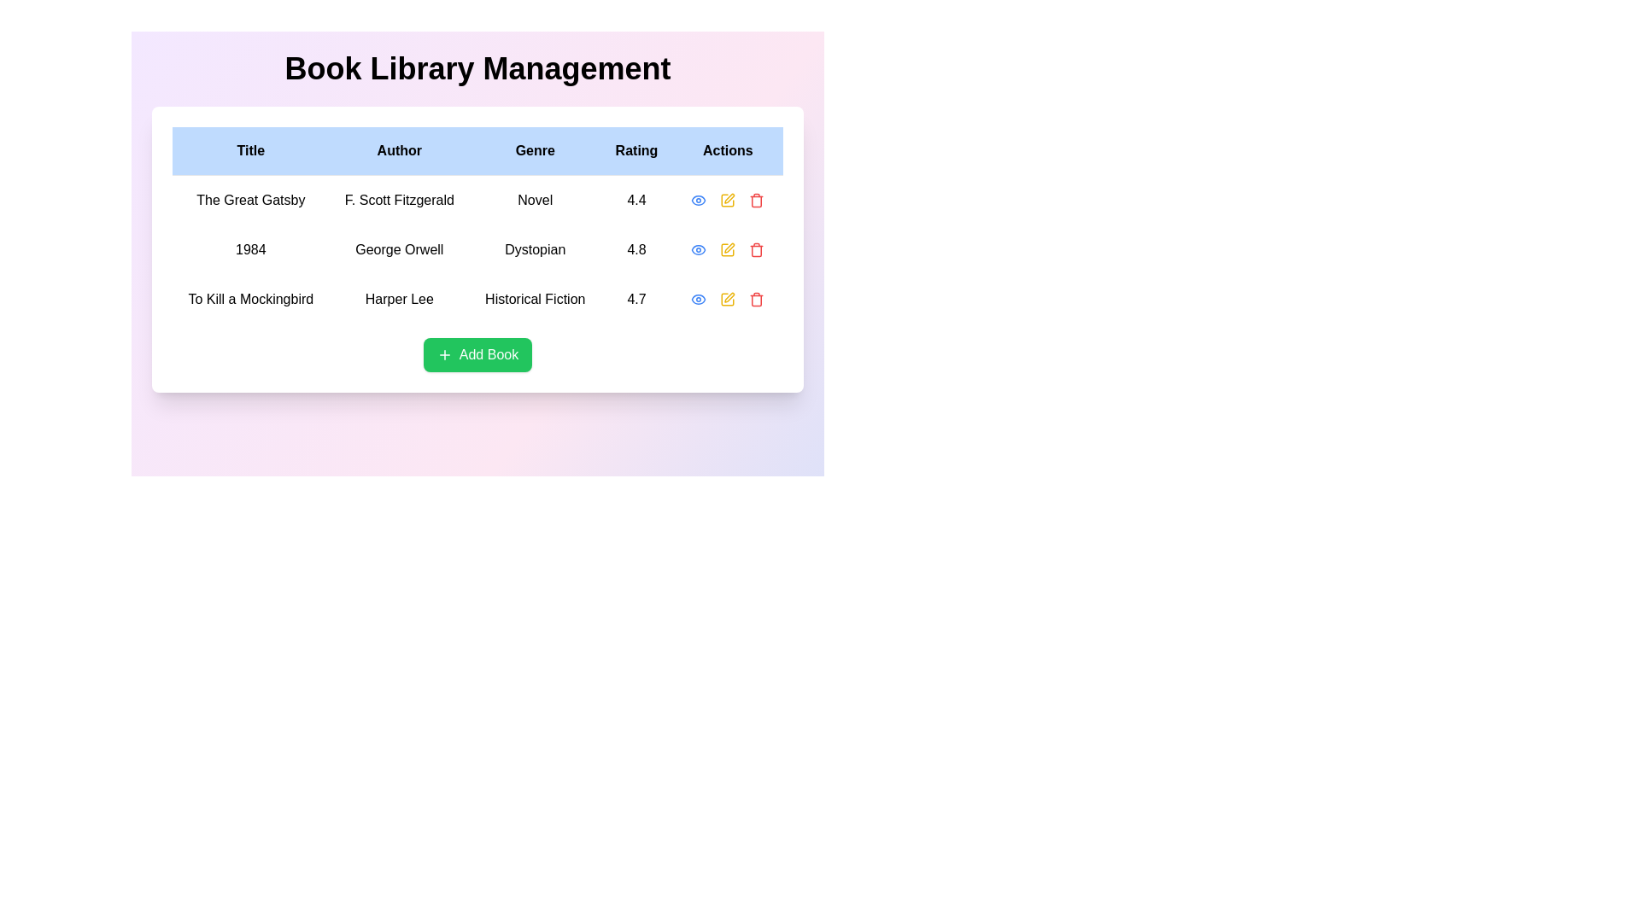 The width and height of the screenshot is (1640, 922). Describe the element at coordinates (699, 200) in the screenshot. I see `the eye-shaped SVG icon in the 'Actions' column of the 'Book Library Management' interface` at that location.